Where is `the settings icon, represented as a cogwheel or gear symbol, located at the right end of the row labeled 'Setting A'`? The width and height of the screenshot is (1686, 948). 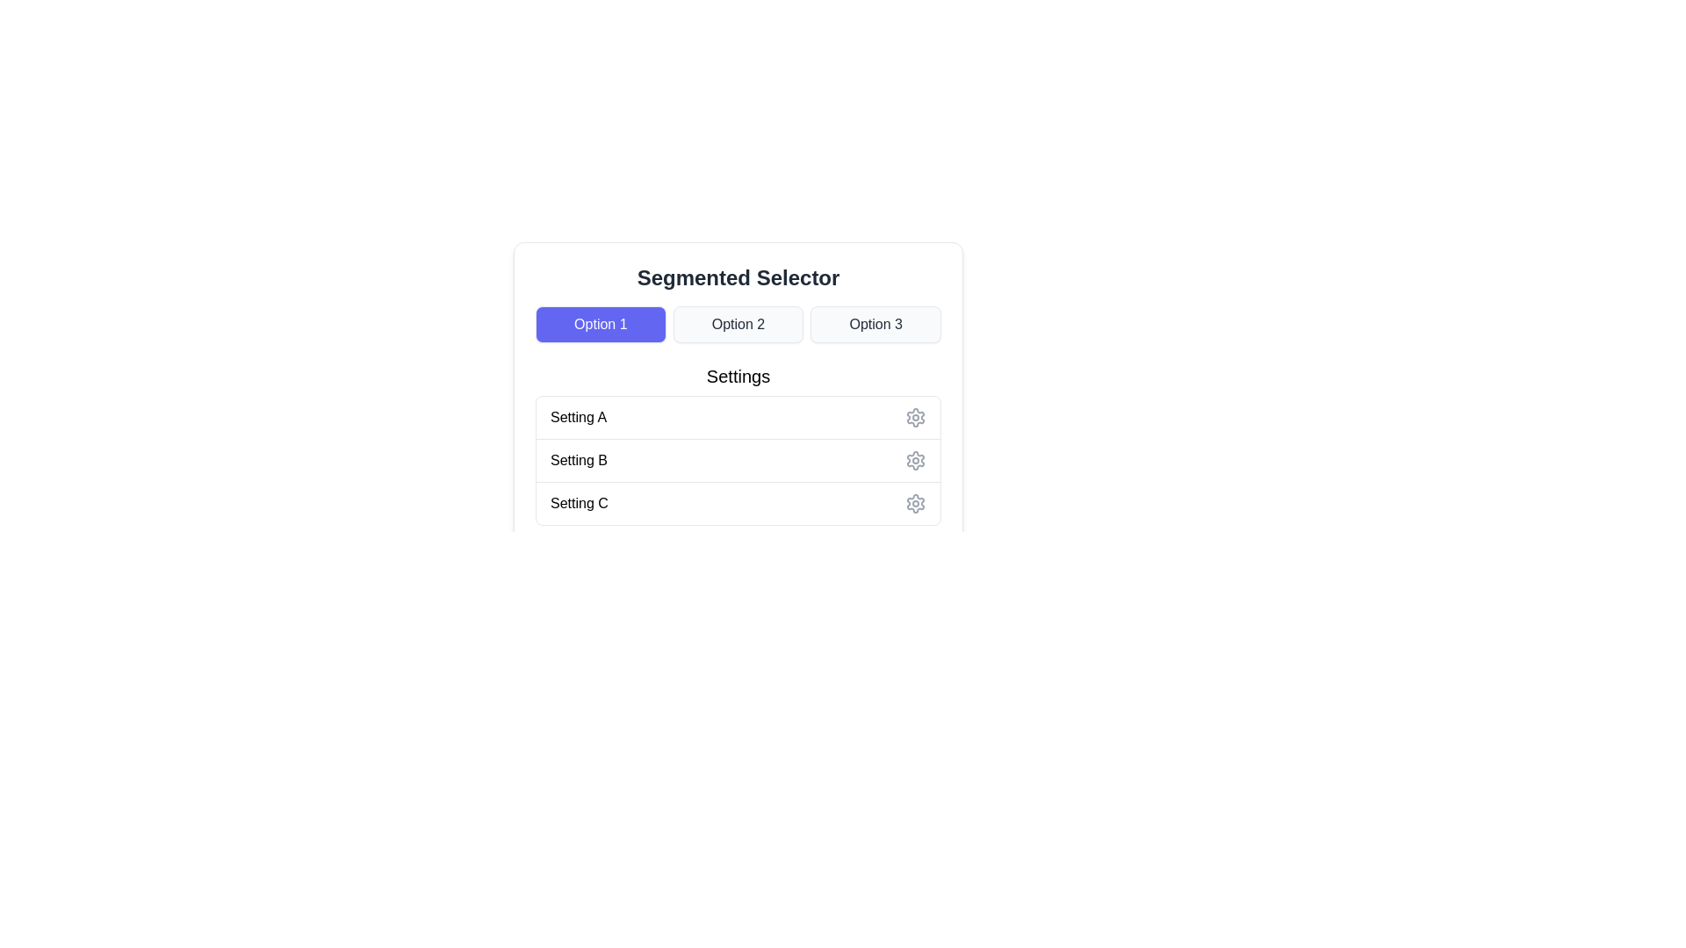
the settings icon, represented as a cogwheel or gear symbol, located at the right end of the row labeled 'Setting A' is located at coordinates (914, 417).